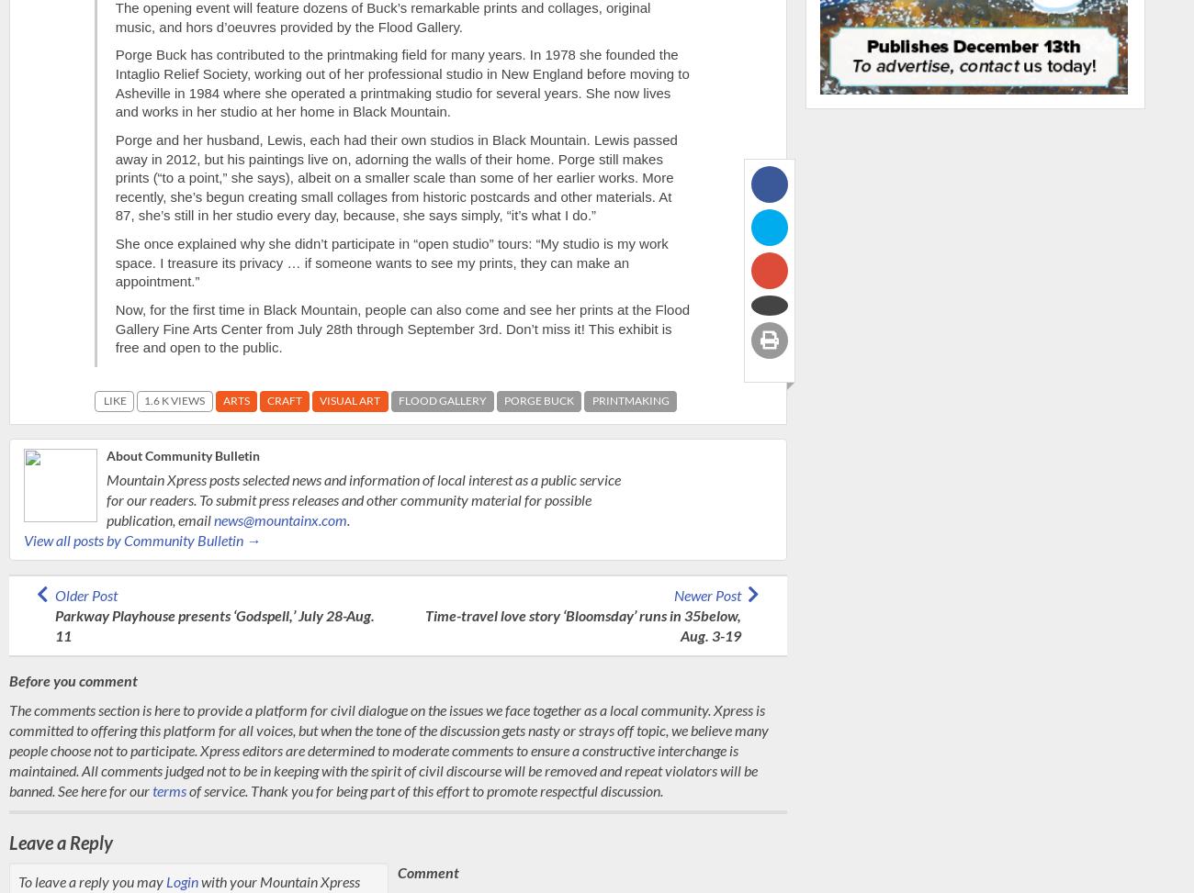 This screenshot has height=893, width=1194. What do you see at coordinates (705, 593) in the screenshot?
I see `'Newer Post'` at bounding box center [705, 593].